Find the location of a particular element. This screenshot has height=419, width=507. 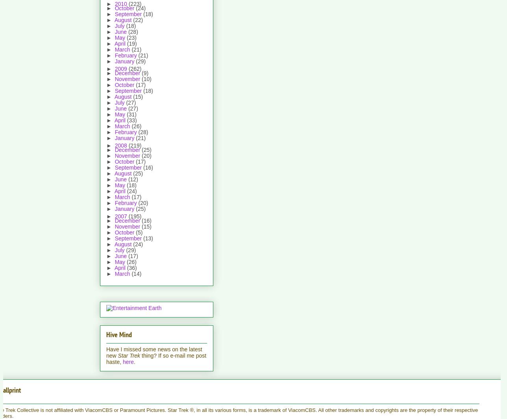

'Have I missed some news on the latest new' is located at coordinates (154, 352).